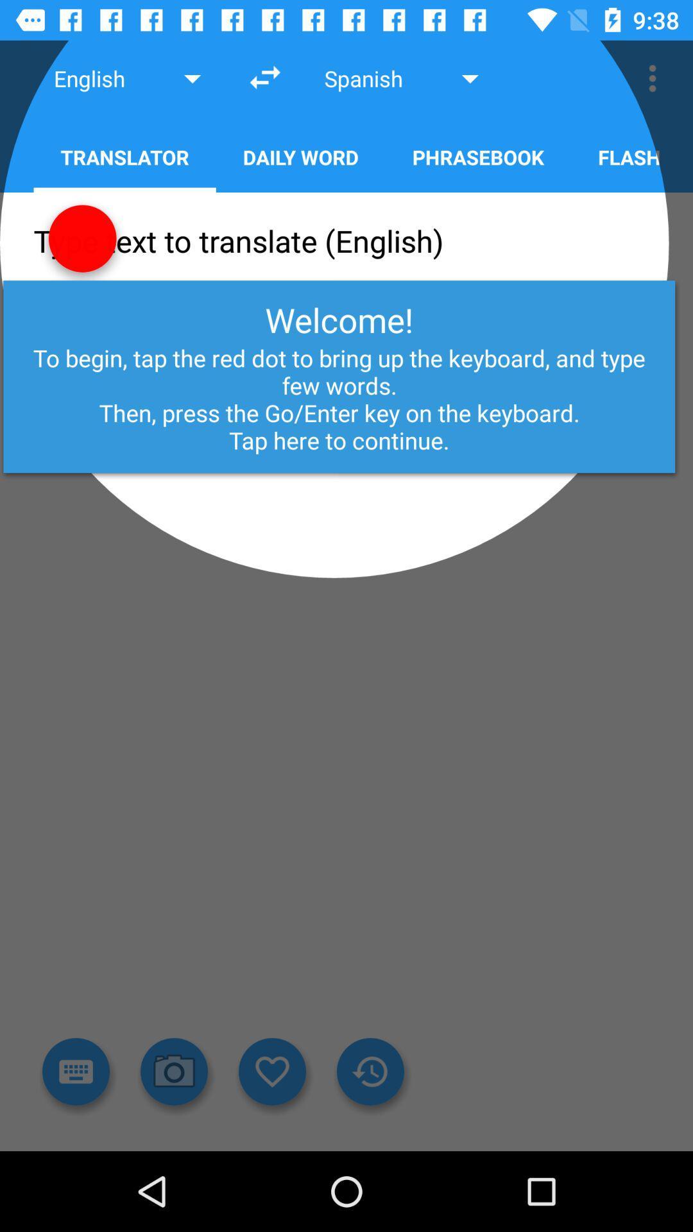 Image resolution: width=693 pixels, height=1232 pixels. I want to click on the history icon, so click(370, 1072).